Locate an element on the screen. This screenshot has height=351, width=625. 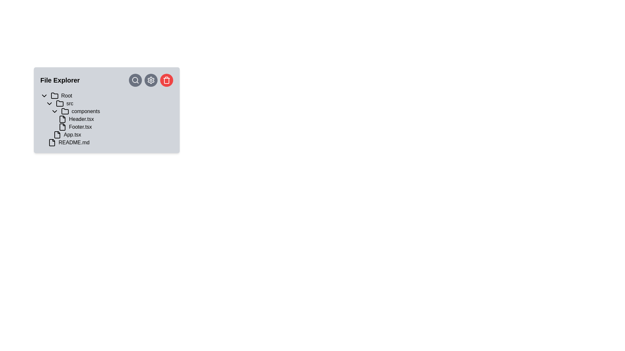
the search button located in the upper-right corner of the 'File Explorer' panel to initiate a search action is located at coordinates (135, 80).